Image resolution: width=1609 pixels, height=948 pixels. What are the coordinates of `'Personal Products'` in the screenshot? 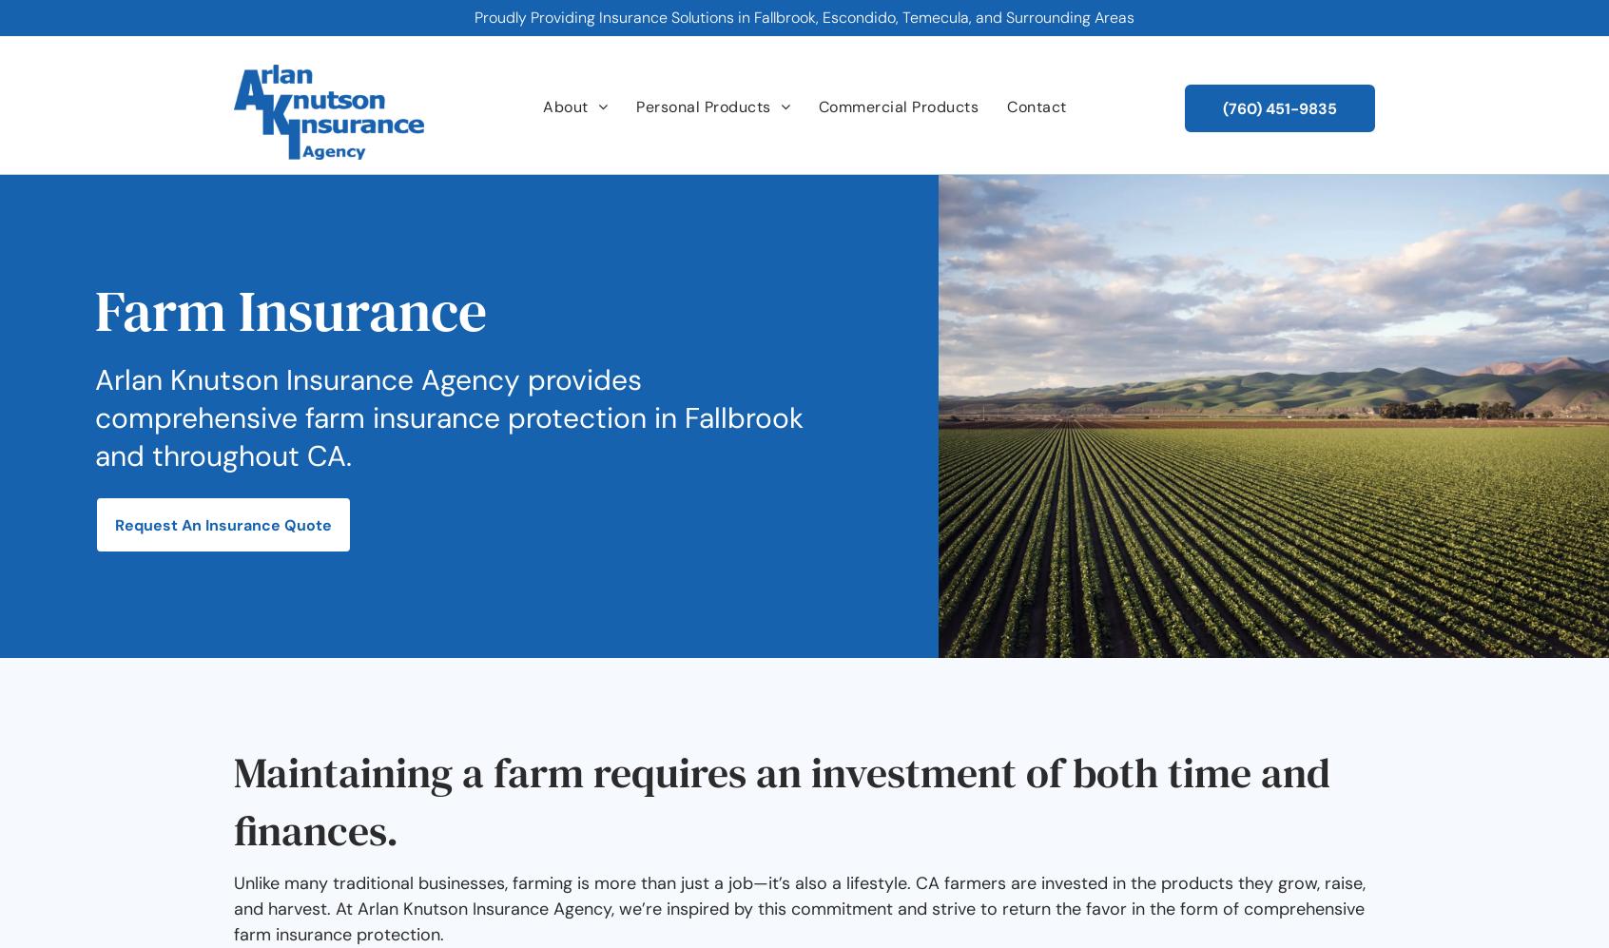 It's located at (702, 106).